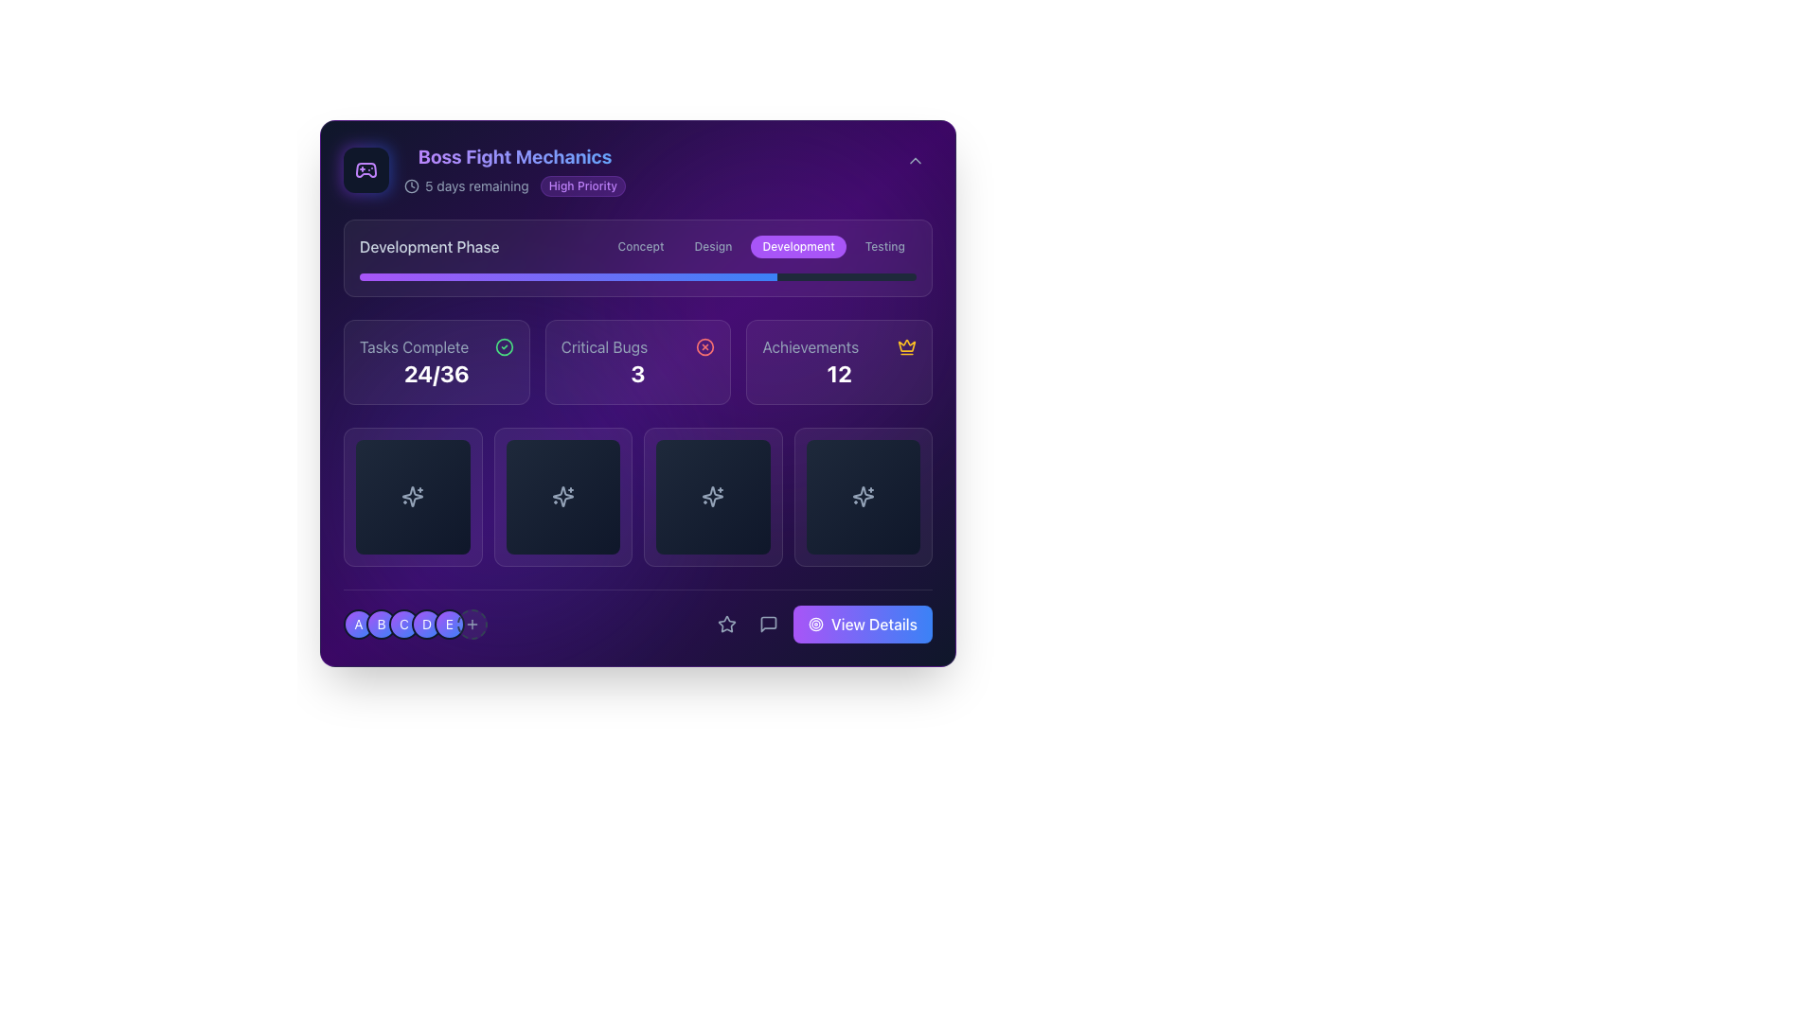  I want to click on the star icon button located at the bottom edge of the card interface used for marking items as favorites, so click(726, 624).